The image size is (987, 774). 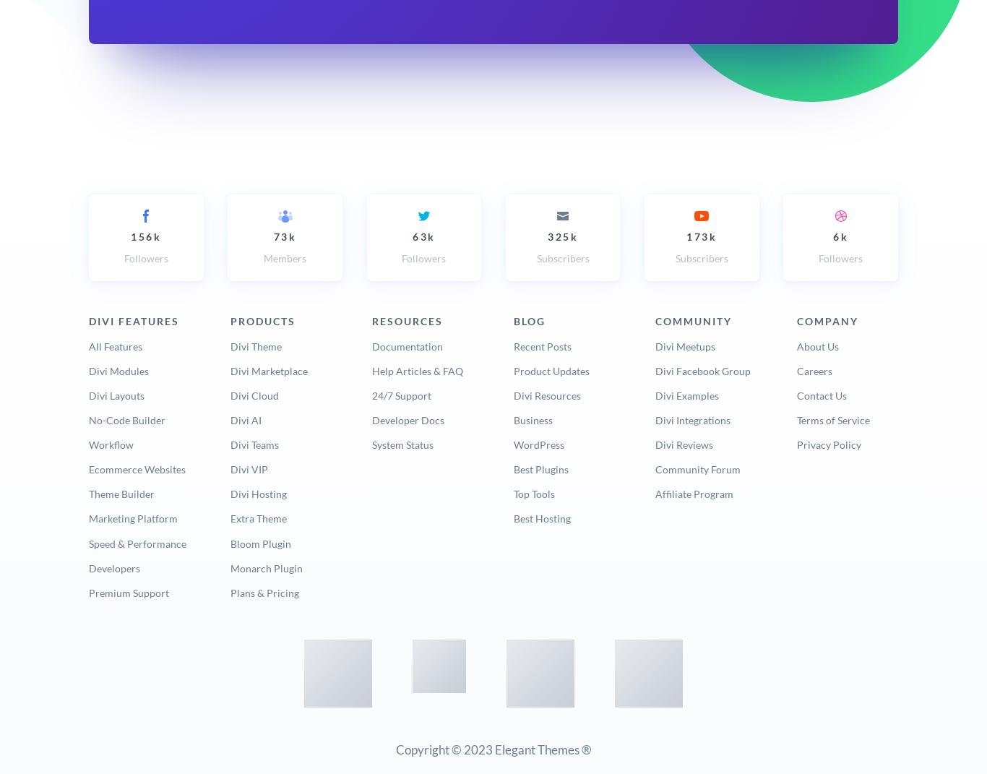 What do you see at coordinates (263, 591) in the screenshot?
I see `'Plans & Pricing'` at bounding box center [263, 591].